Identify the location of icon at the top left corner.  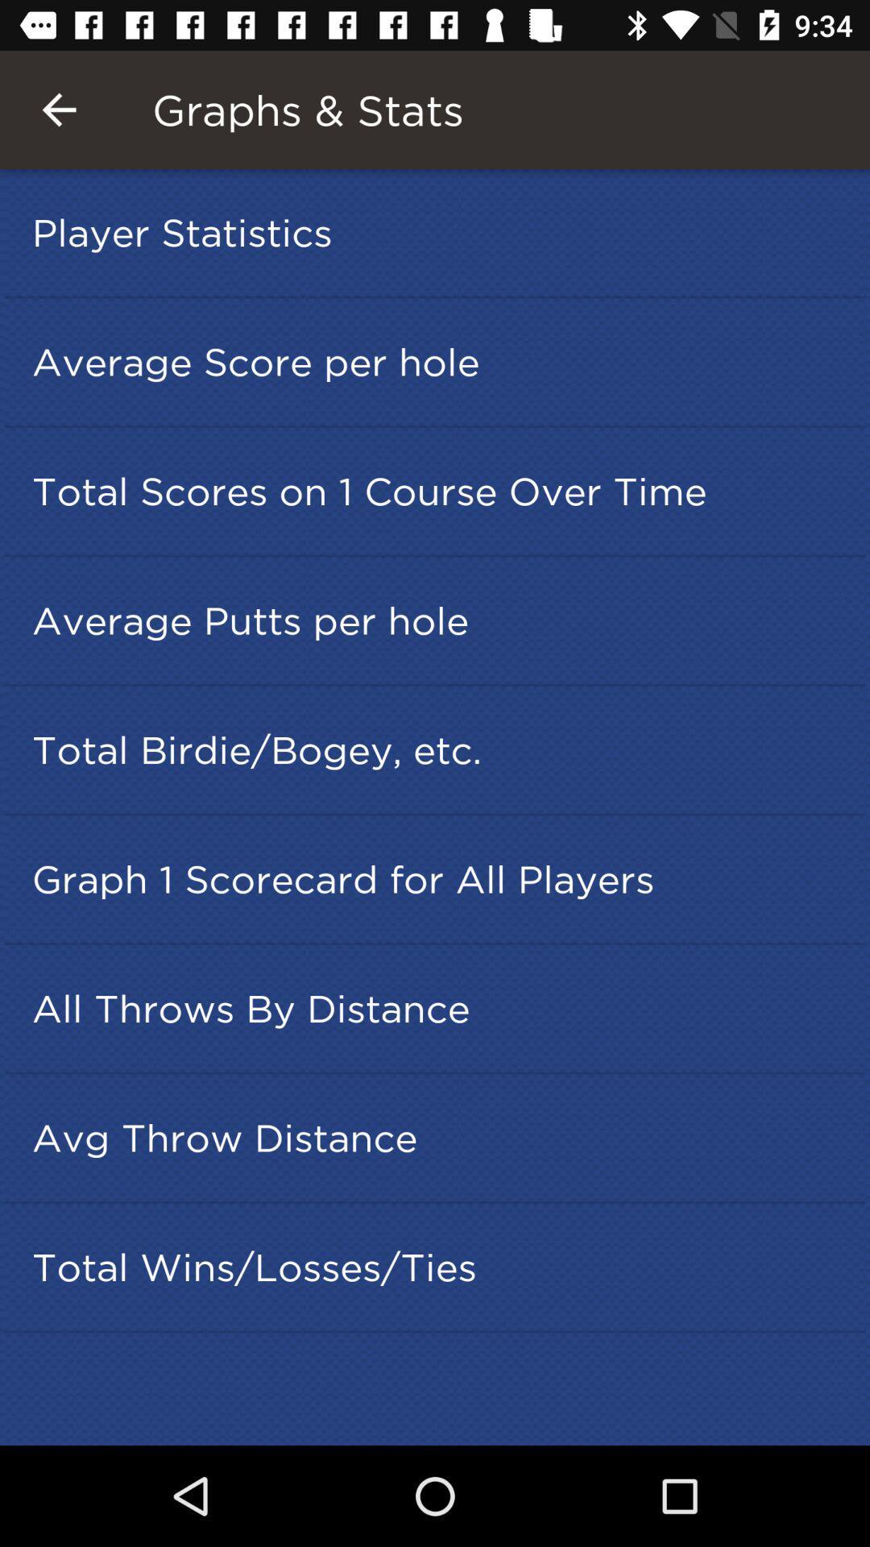
(58, 109).